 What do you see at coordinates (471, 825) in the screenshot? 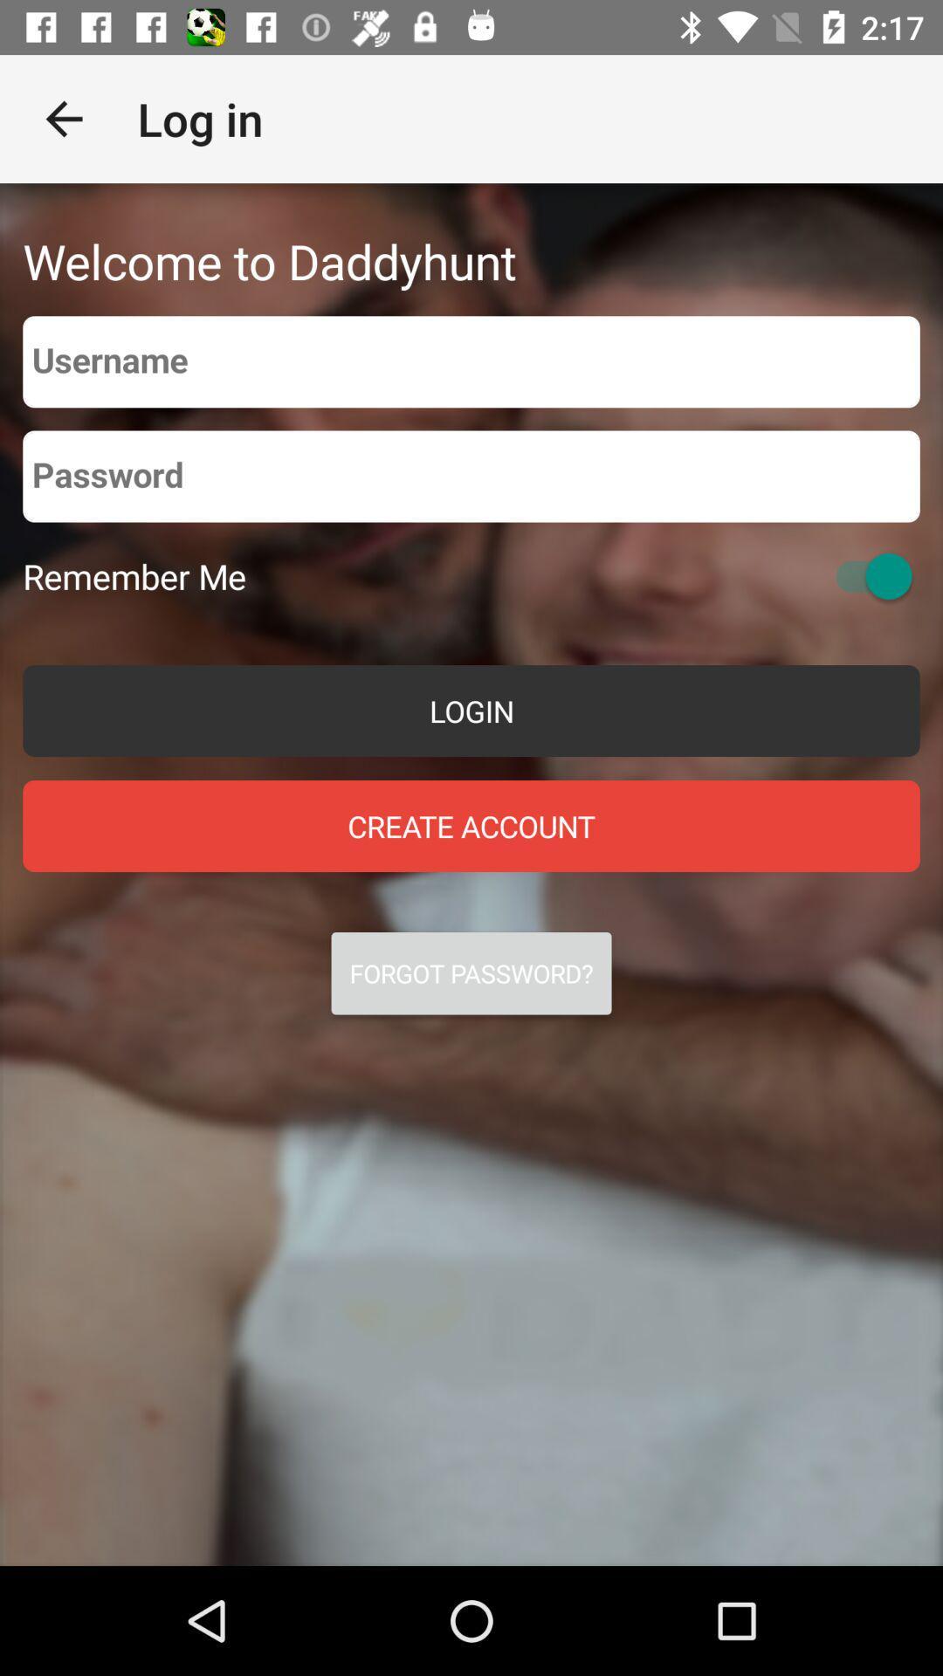
I see `the icon above the forgot password? icon` at bounding box center [471, 825].